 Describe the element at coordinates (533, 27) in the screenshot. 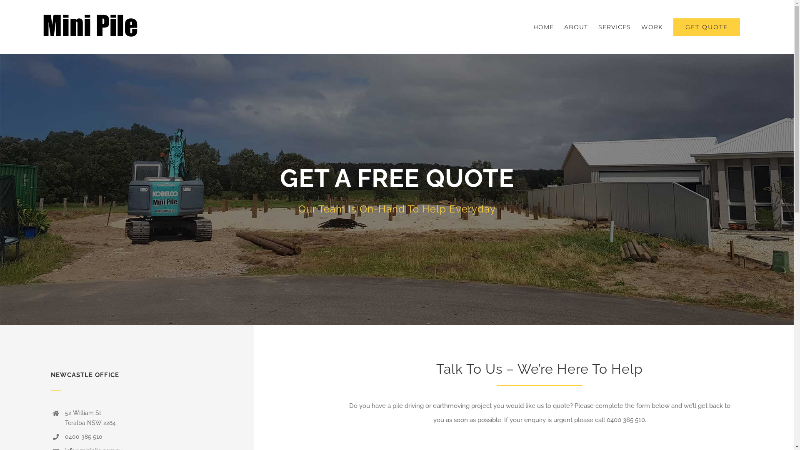

I see `'HOME'` at that location.